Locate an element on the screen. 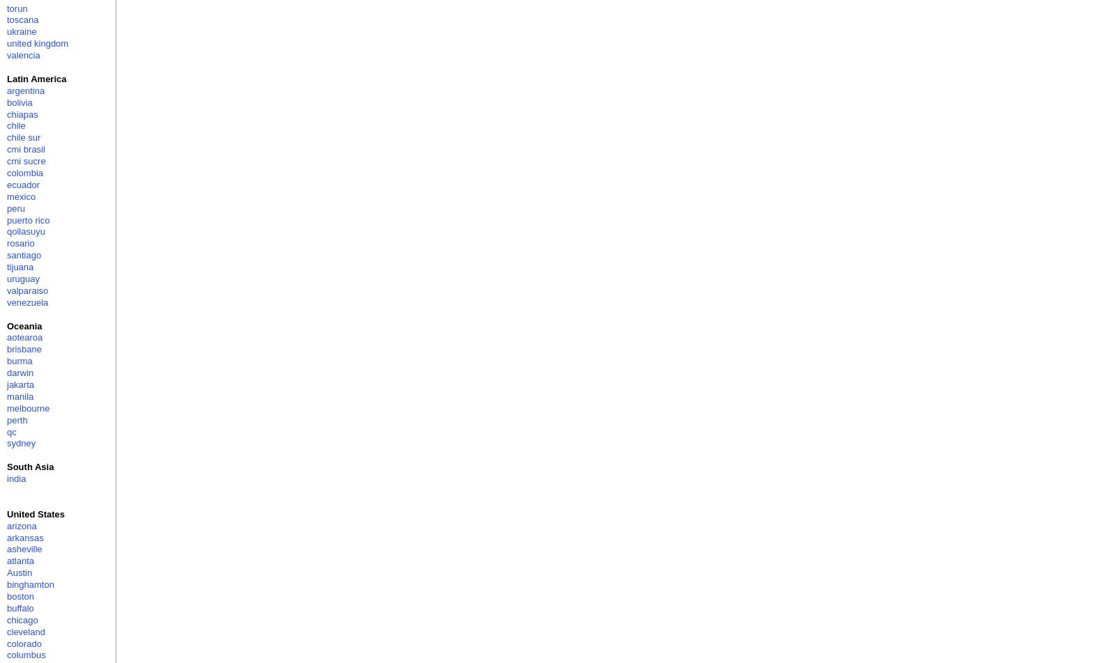 Image resolution: width=1115 pixels, height=663 pixels. 'perth' is located at coordinates (16, 419).